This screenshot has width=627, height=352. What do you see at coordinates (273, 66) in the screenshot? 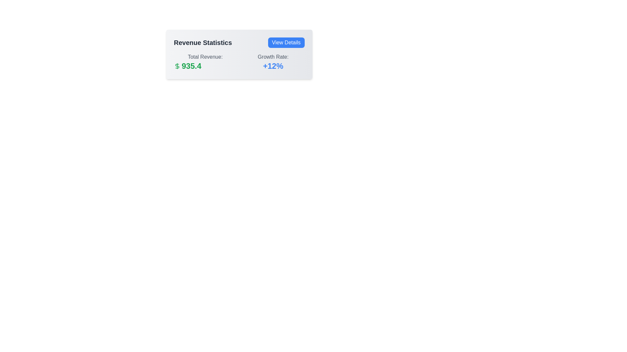
I see `the static text label that indicates a positive growth rate of 12 percent, positioned below and to the right of the 'Growth Rate:' label` at bounding box center [273, 66].